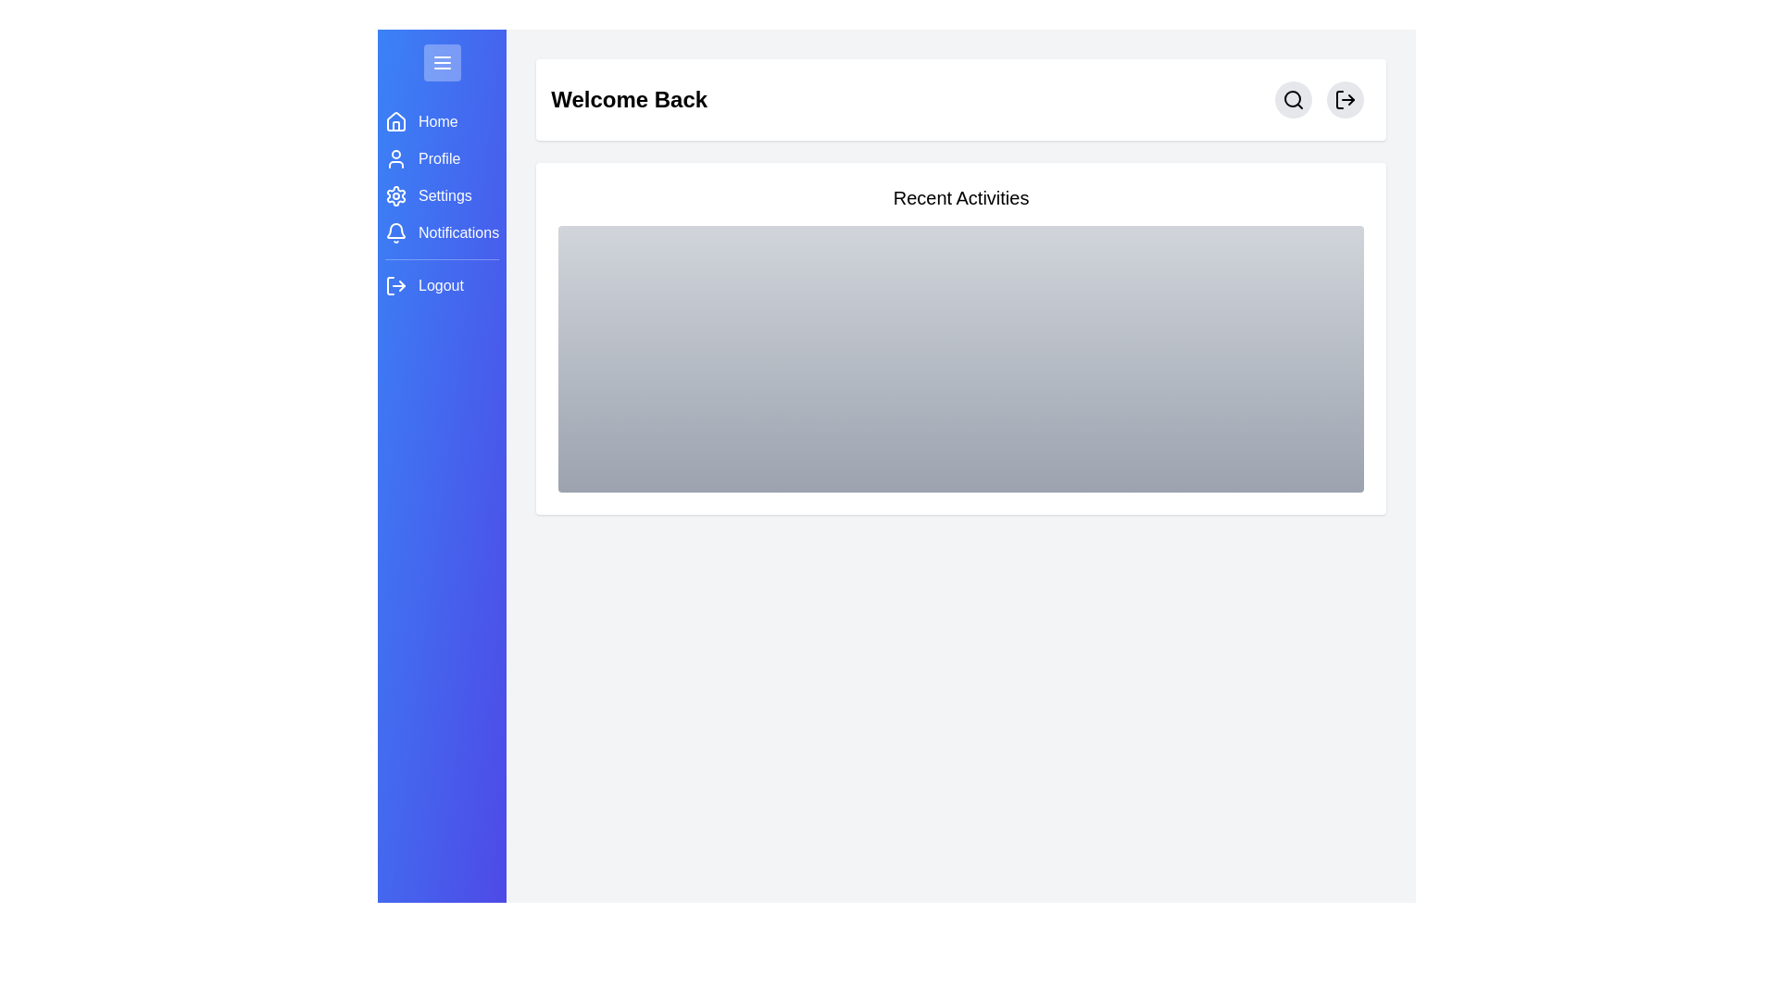 This screenshot has height=1000, width=1778. Describe the element at coordinates (1292, 99) in the screenshot. I see `the circular magnifying glass icon located in the top-right area of the interface, above the 'Recent Activities' heading` at that location.